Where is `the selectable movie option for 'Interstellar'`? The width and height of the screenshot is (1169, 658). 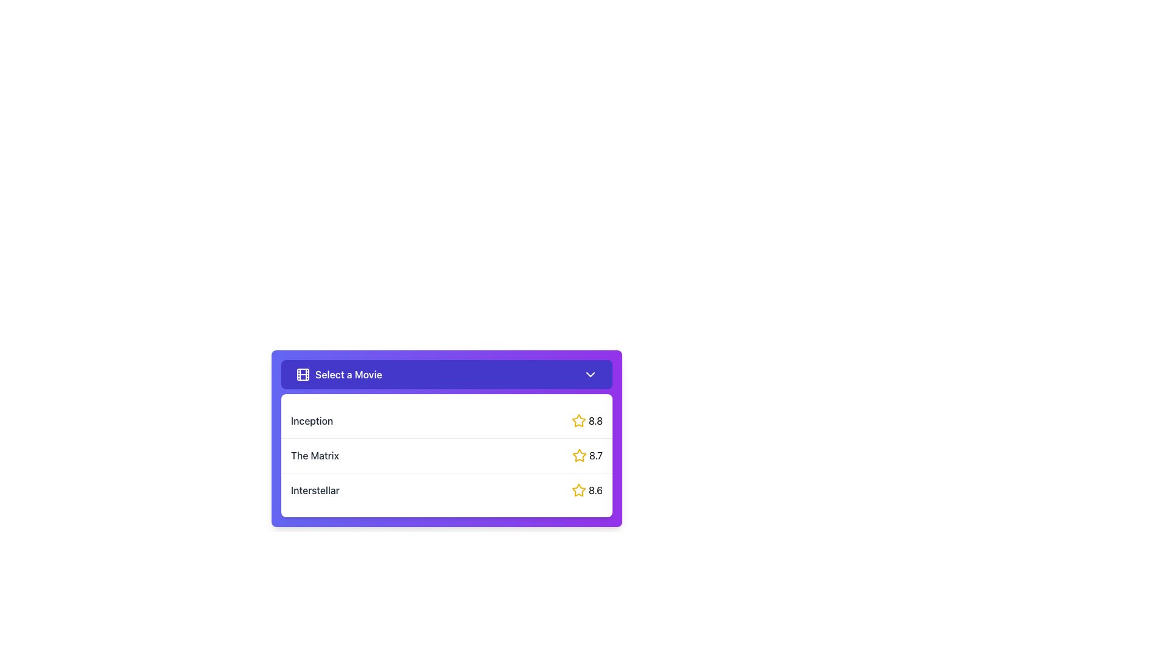 the selectable movie option for 'Interstellar' is located at coordinates (446, 489).